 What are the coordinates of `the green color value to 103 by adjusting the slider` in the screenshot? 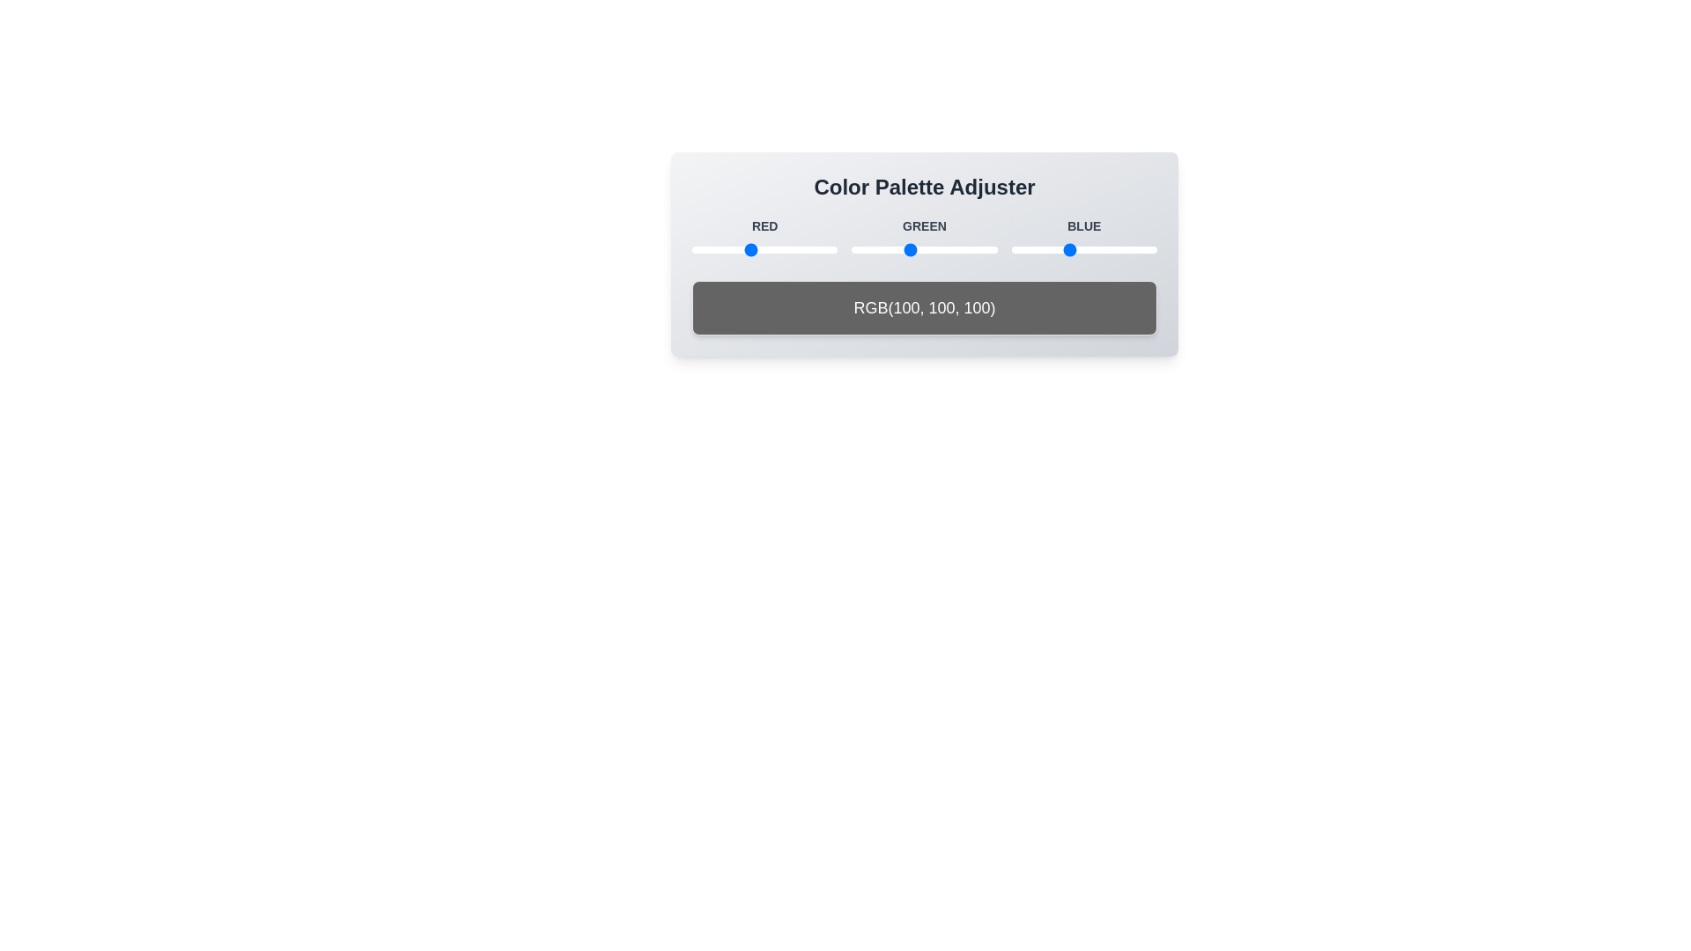 It's located at (911, 250).